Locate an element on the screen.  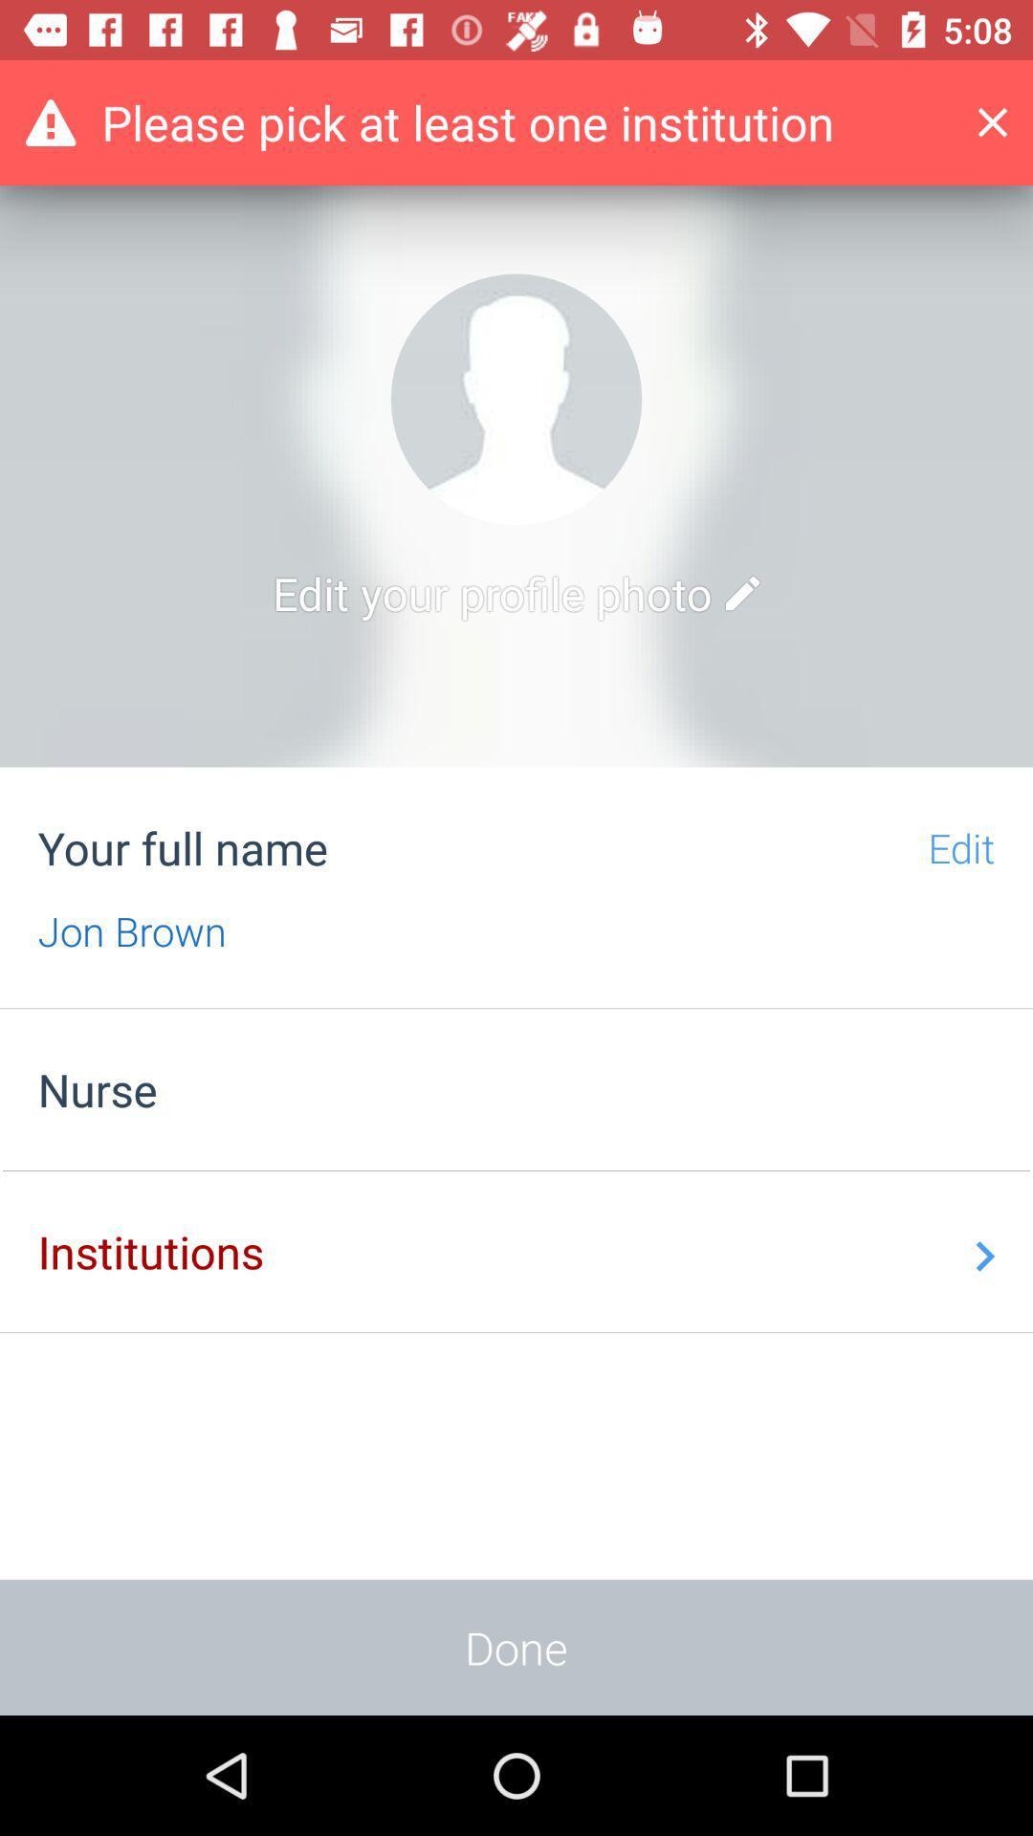
closs button is located at coordinates (1006, 121).